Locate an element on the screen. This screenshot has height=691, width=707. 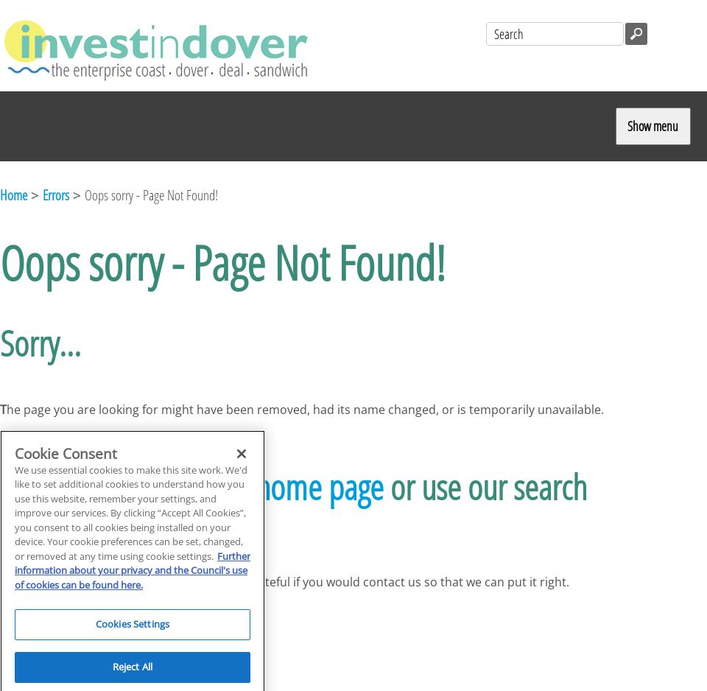
'Please navigate to our' is located at coordinates (127, 485).